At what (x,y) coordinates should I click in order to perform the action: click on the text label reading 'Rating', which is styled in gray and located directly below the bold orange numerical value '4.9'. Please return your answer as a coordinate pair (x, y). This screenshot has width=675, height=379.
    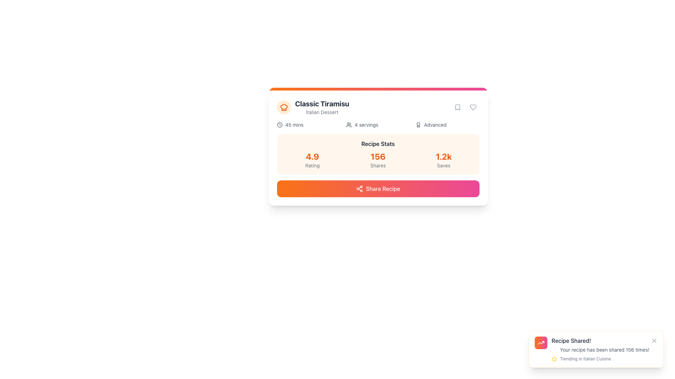
    Looking at the image, I should click on (312, 165).